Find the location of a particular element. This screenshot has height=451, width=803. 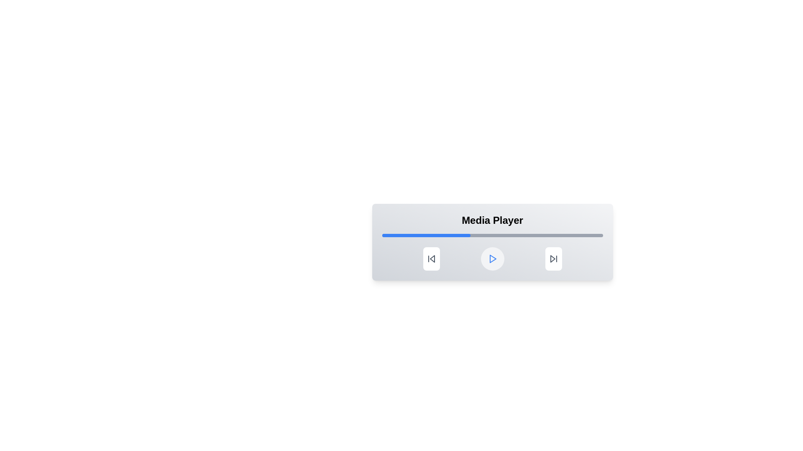

the Previous Button, which is represented by a small triangular arrow pointing left, located on the media player interface to the left of the central play button is located at coordinates (432, 258).